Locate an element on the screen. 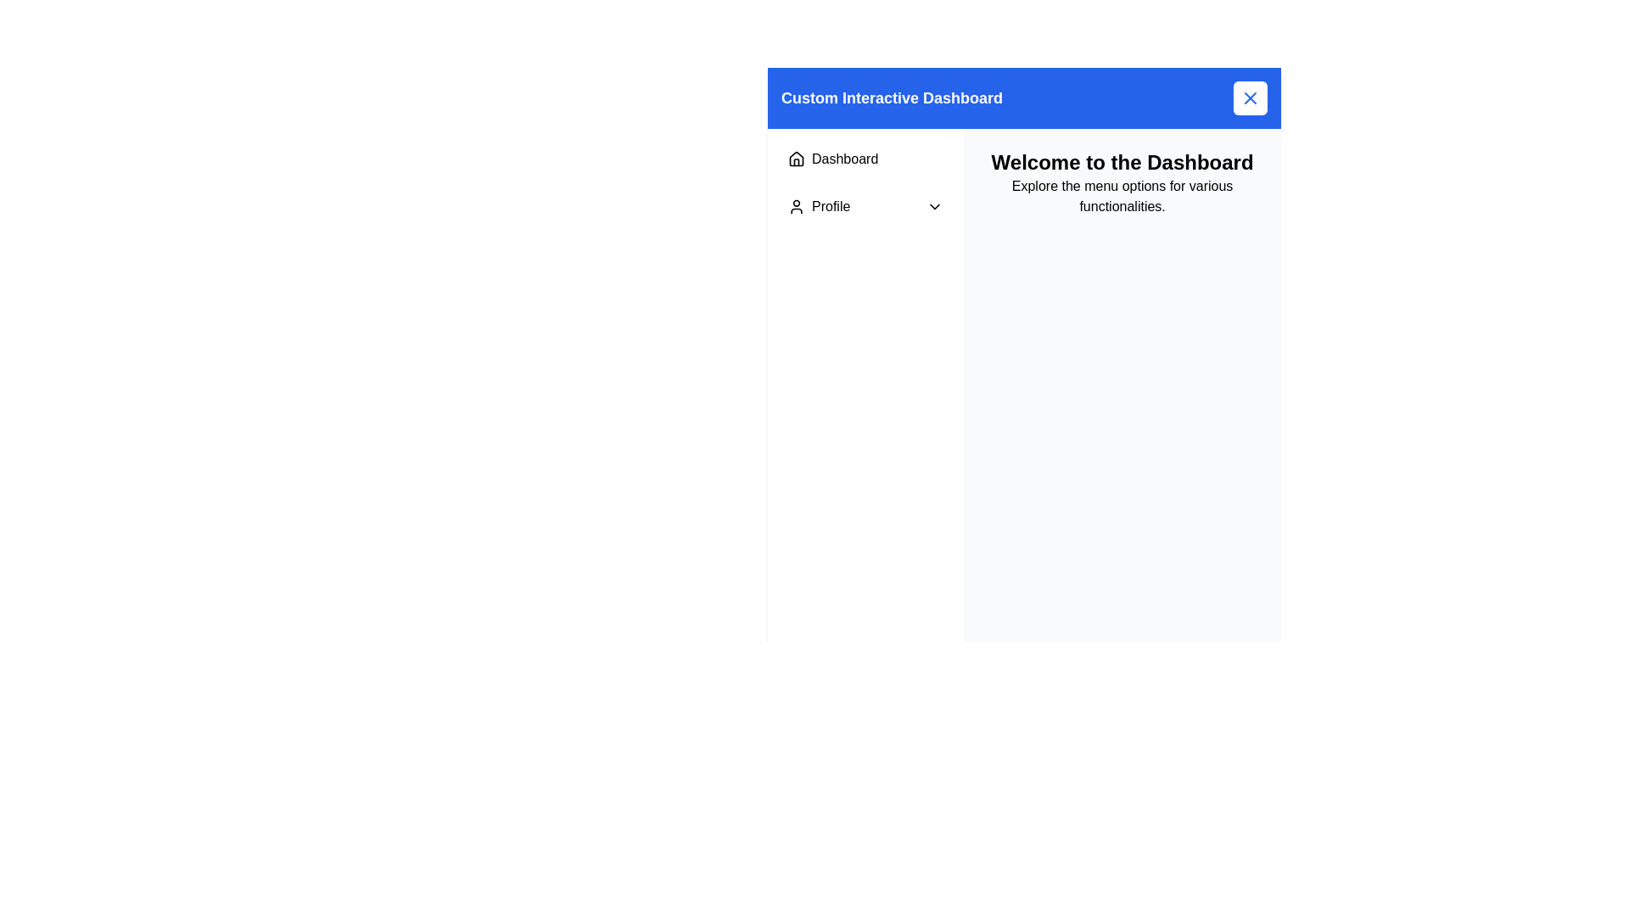  text content displayed below the header 'Welcome to the Dashboard', which states 'Explore the menu options for various functionalities.' is located at coordinates (1122, 195).